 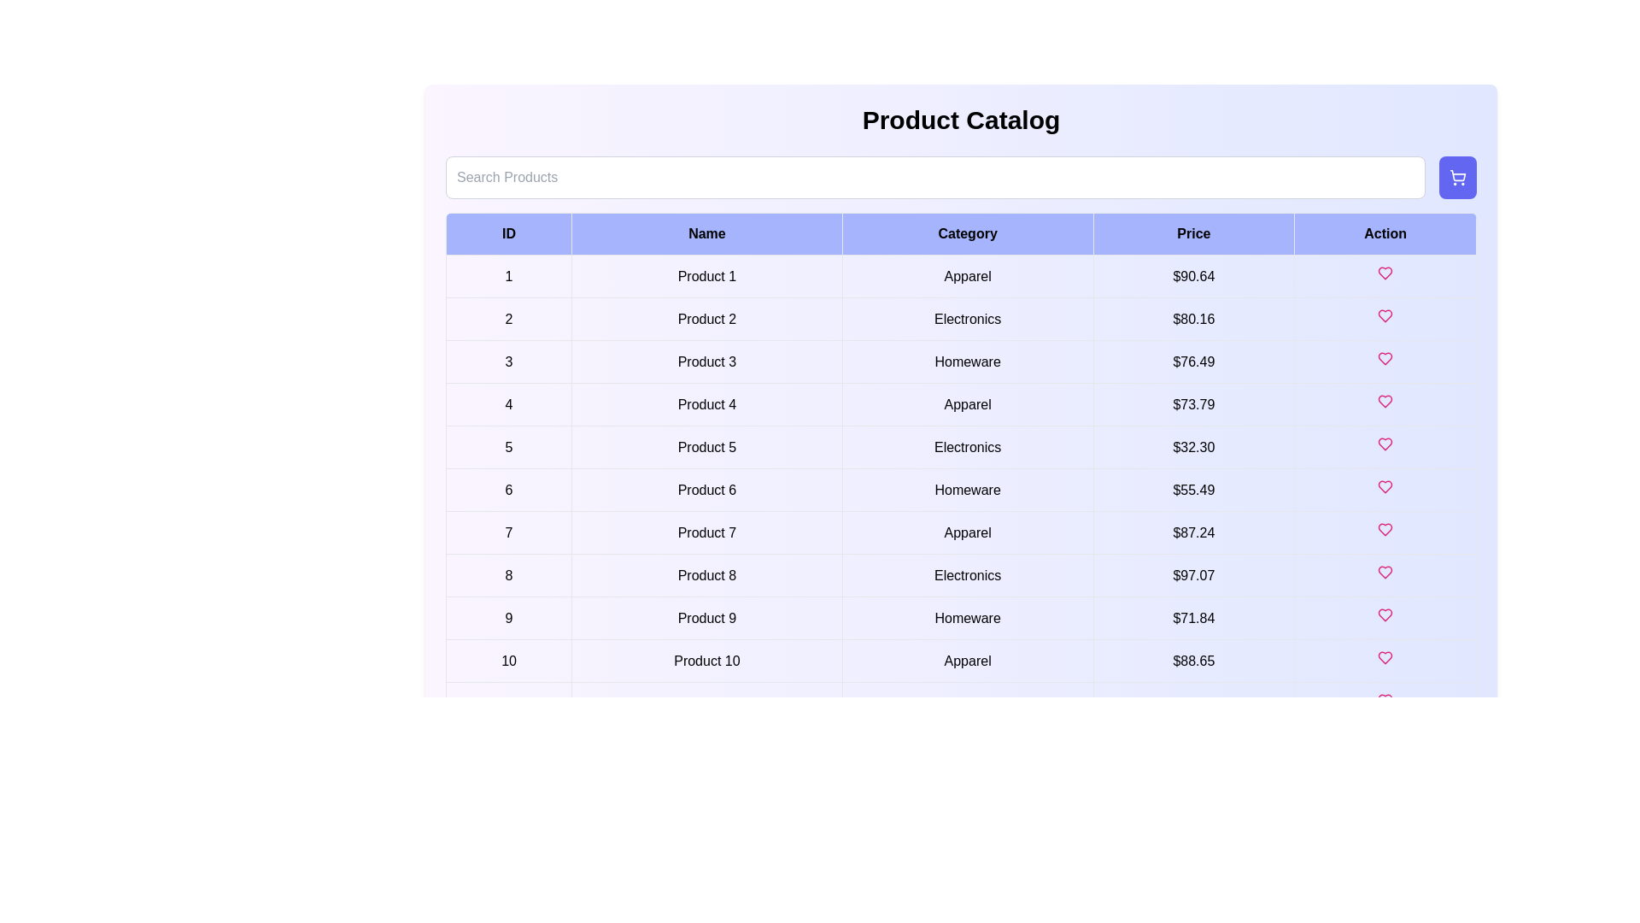 What do you see at coordinates (1457, 178) in the screenshot?
I see `the shopping cart button` at bounding box center [1457, 178].